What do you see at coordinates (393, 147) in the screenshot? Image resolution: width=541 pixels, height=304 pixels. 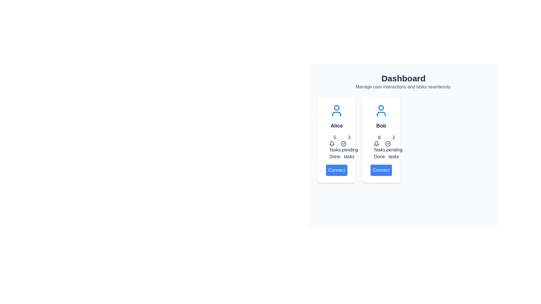 I see `the composite informational display element showing the number '2' with a check icon and the text '.pending tasks' located in the lower-right portion of Bob's card on the dashboard` at bounding box center [393, 147].